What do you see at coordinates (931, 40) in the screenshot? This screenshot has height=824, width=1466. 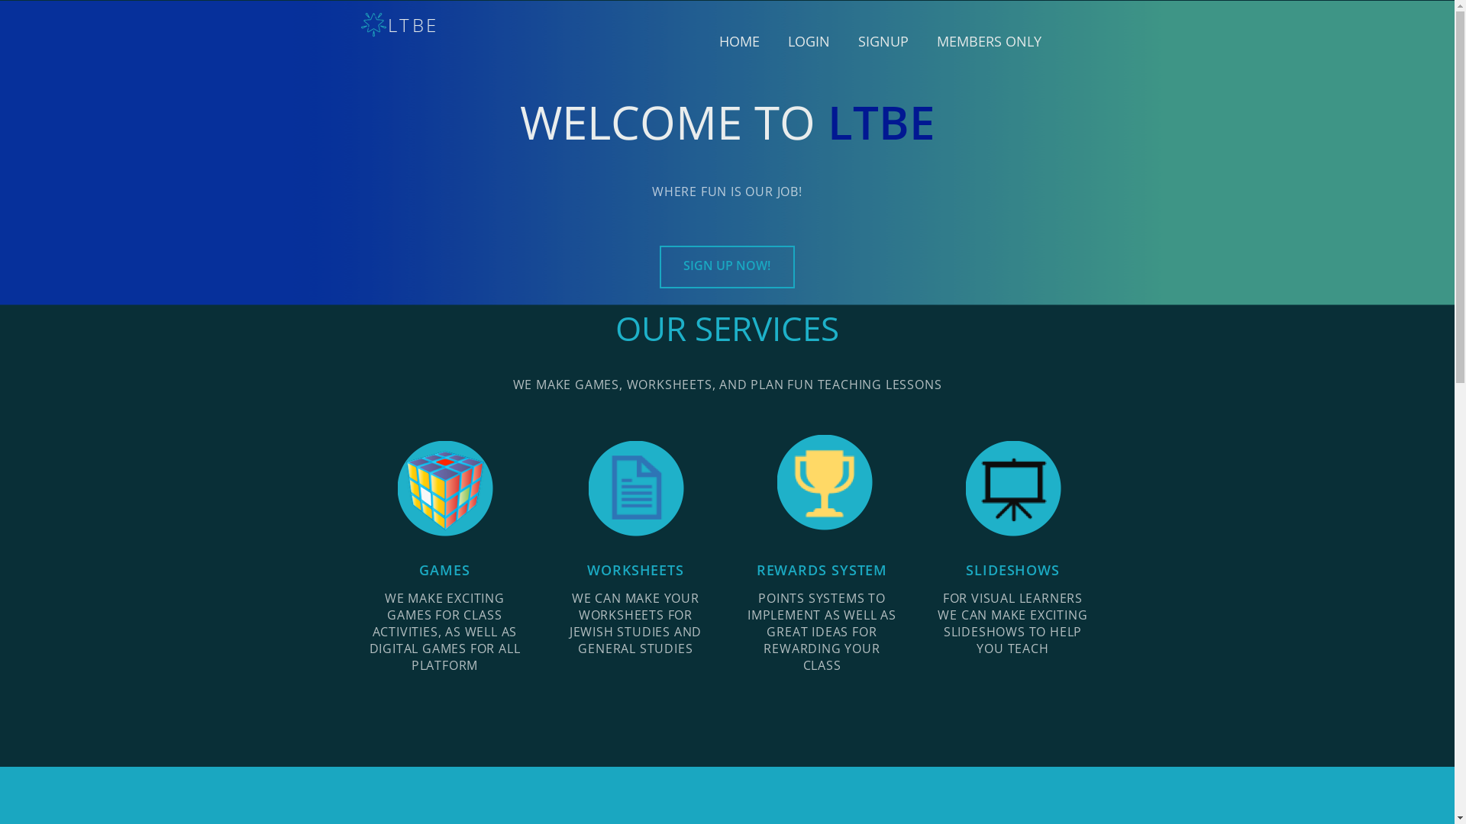 I see `'MEMBERS ONLY'` at bounding box center [931, 40].